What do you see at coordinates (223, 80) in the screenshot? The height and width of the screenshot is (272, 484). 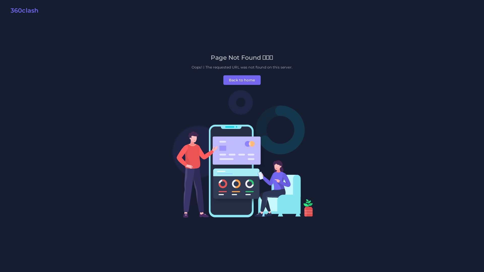 I see `'Back to home'` at bounding box center [223, 80].